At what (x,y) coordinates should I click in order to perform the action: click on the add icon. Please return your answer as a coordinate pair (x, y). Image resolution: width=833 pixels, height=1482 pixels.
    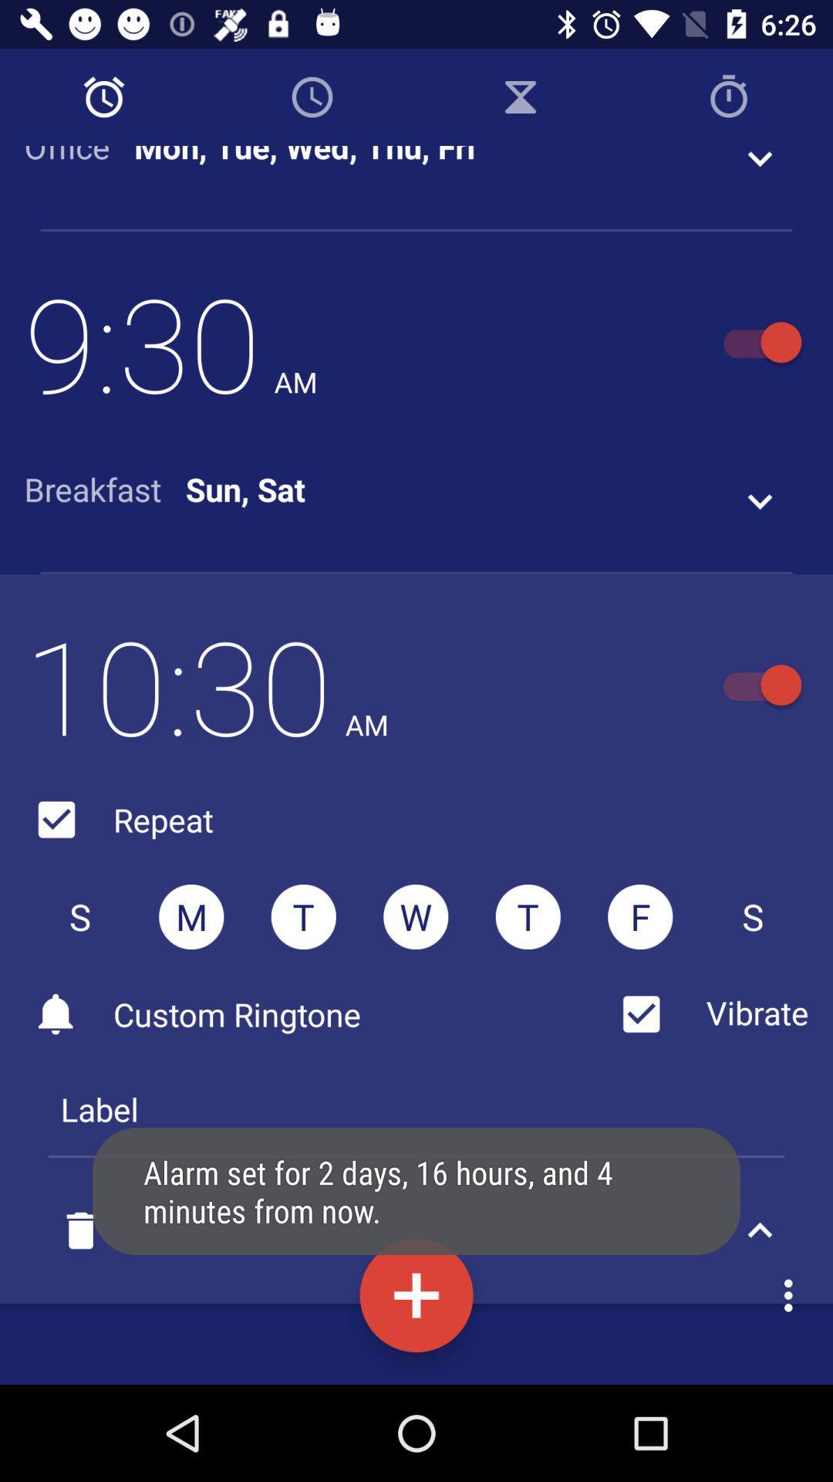
    Looking at the image, I should click on (416, 1295).